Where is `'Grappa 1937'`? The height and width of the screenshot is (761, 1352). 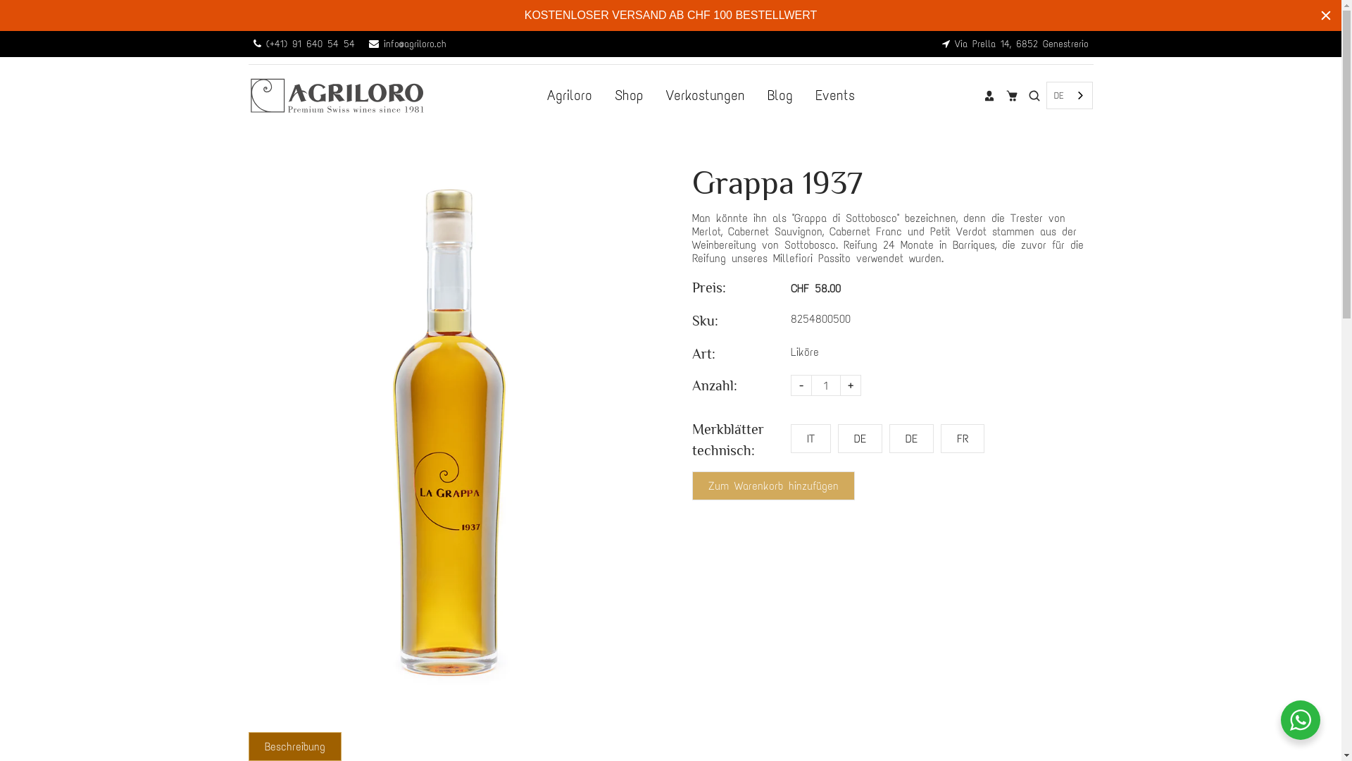 'Grappa 1937' is located at coordinates (448, 431).